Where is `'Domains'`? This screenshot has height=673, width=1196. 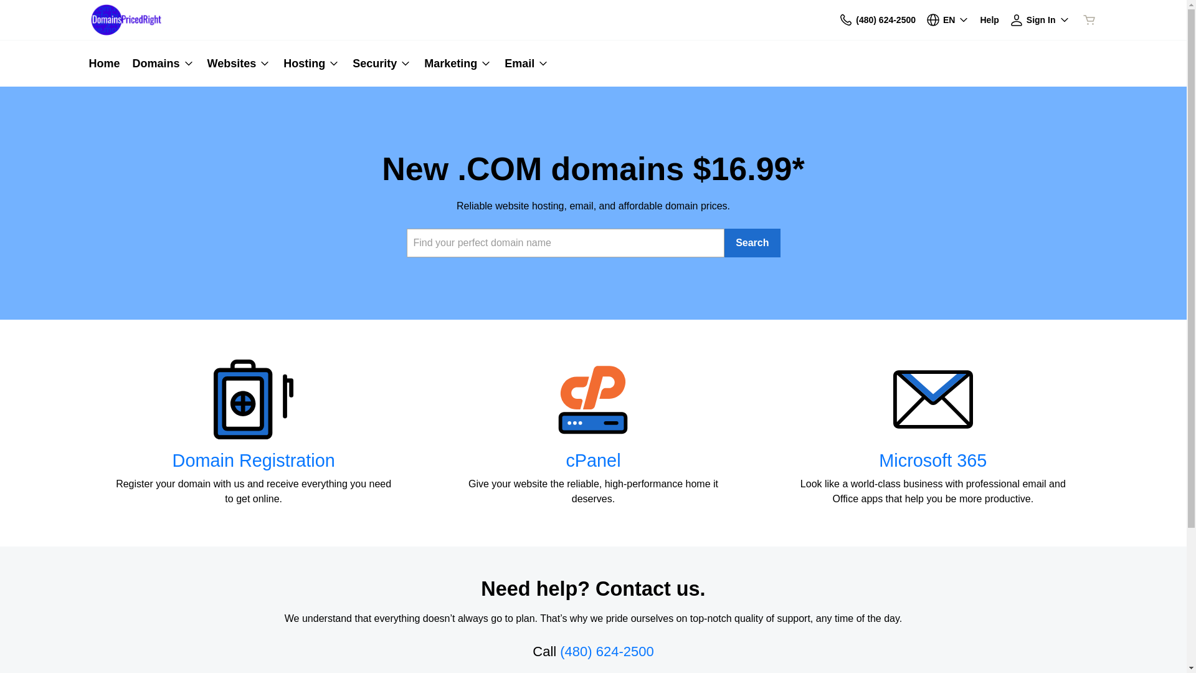 'Domains' is located at coordinates (163, 63).